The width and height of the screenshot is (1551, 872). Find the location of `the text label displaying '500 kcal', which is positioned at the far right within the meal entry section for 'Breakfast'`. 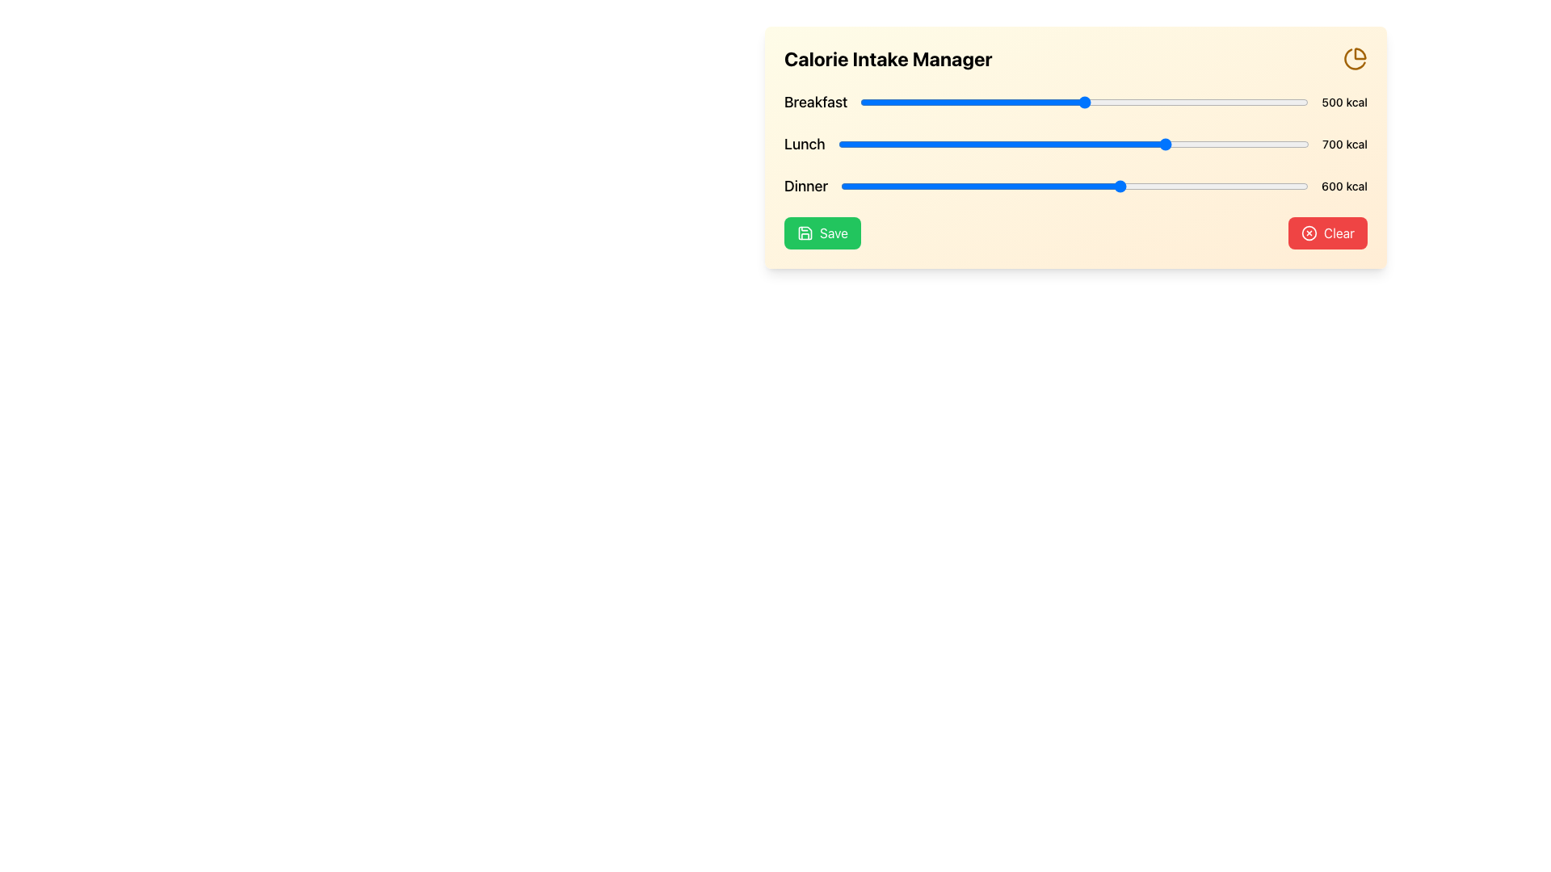

the text label displaying '500 kcal', which is positioned at the far right within the meal entry section for 'Breakfast' is located at coordinates (1344, 103).